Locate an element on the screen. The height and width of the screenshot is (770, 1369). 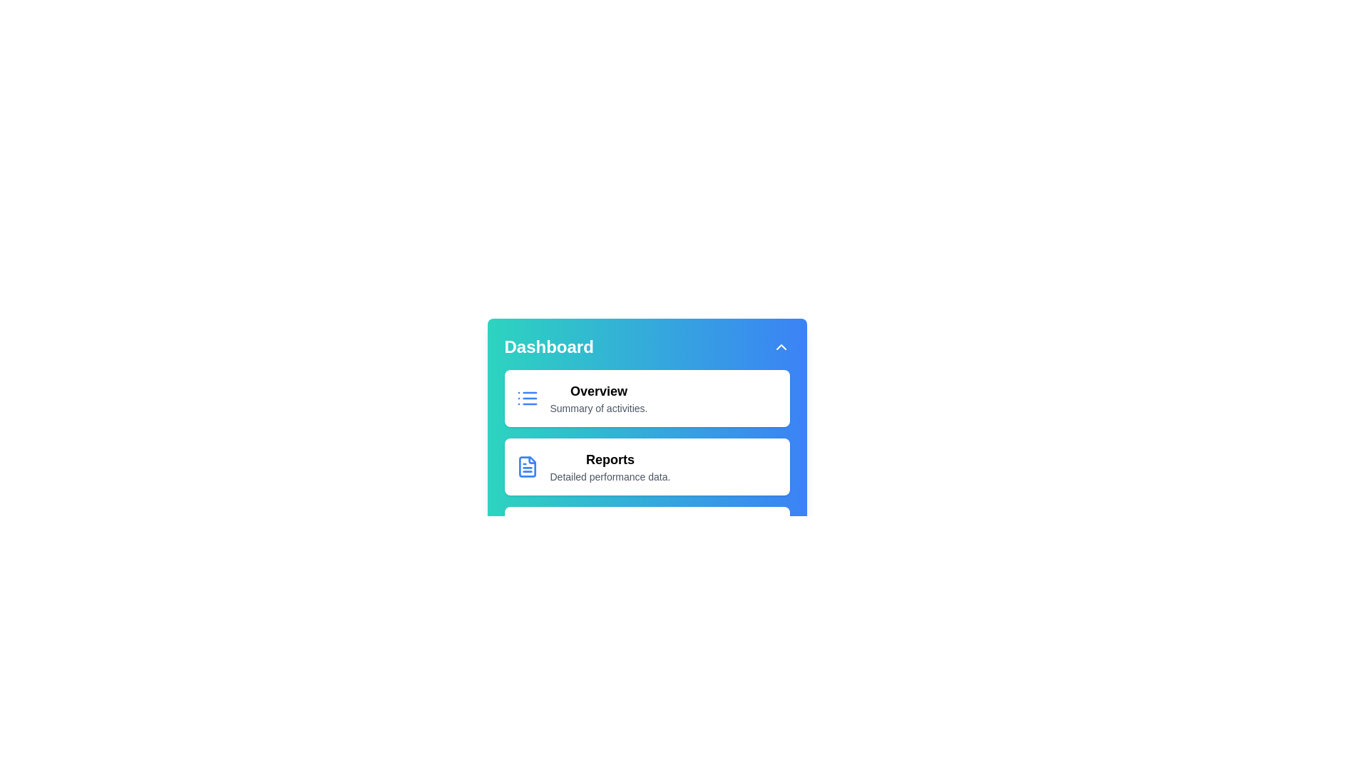
the menu item corresponding to Overview is located at coordinates (599, 399).